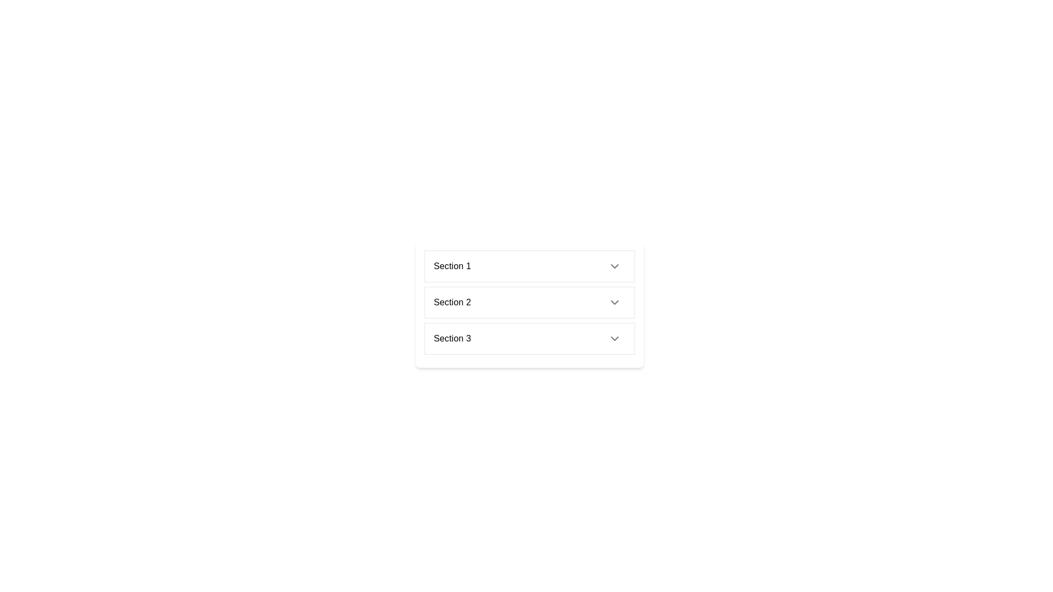 This screenshot has width=1053, height=592. Describe the element at coordinates (615, 302) in the screenshot. I see `the downward-facing chevron icon located to the right of the 'Section 2' text label` at that location.